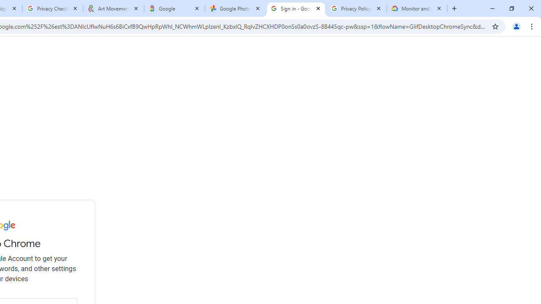 Image resolution: width=541 pixels, height=304 pixels. Describe the element at coordinates (296, 8) in the screenshot. I see `'Sign in - Google Accounts'` at that location.